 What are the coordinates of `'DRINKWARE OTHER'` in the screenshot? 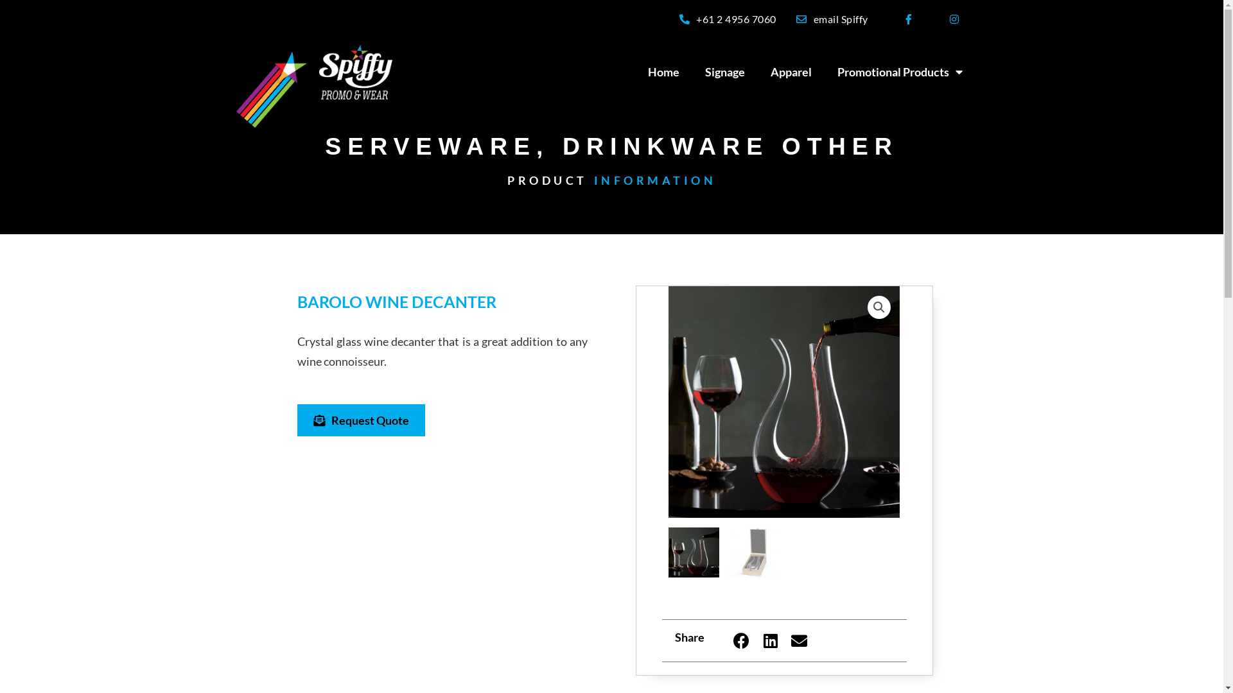 It's located at (730, 145).